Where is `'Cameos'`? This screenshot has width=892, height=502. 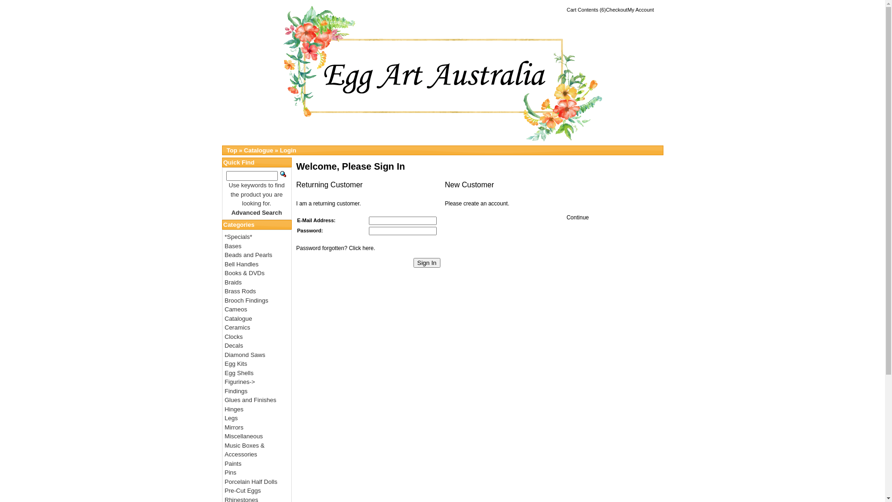
'Cameos' is located at coordinates (236, 309).